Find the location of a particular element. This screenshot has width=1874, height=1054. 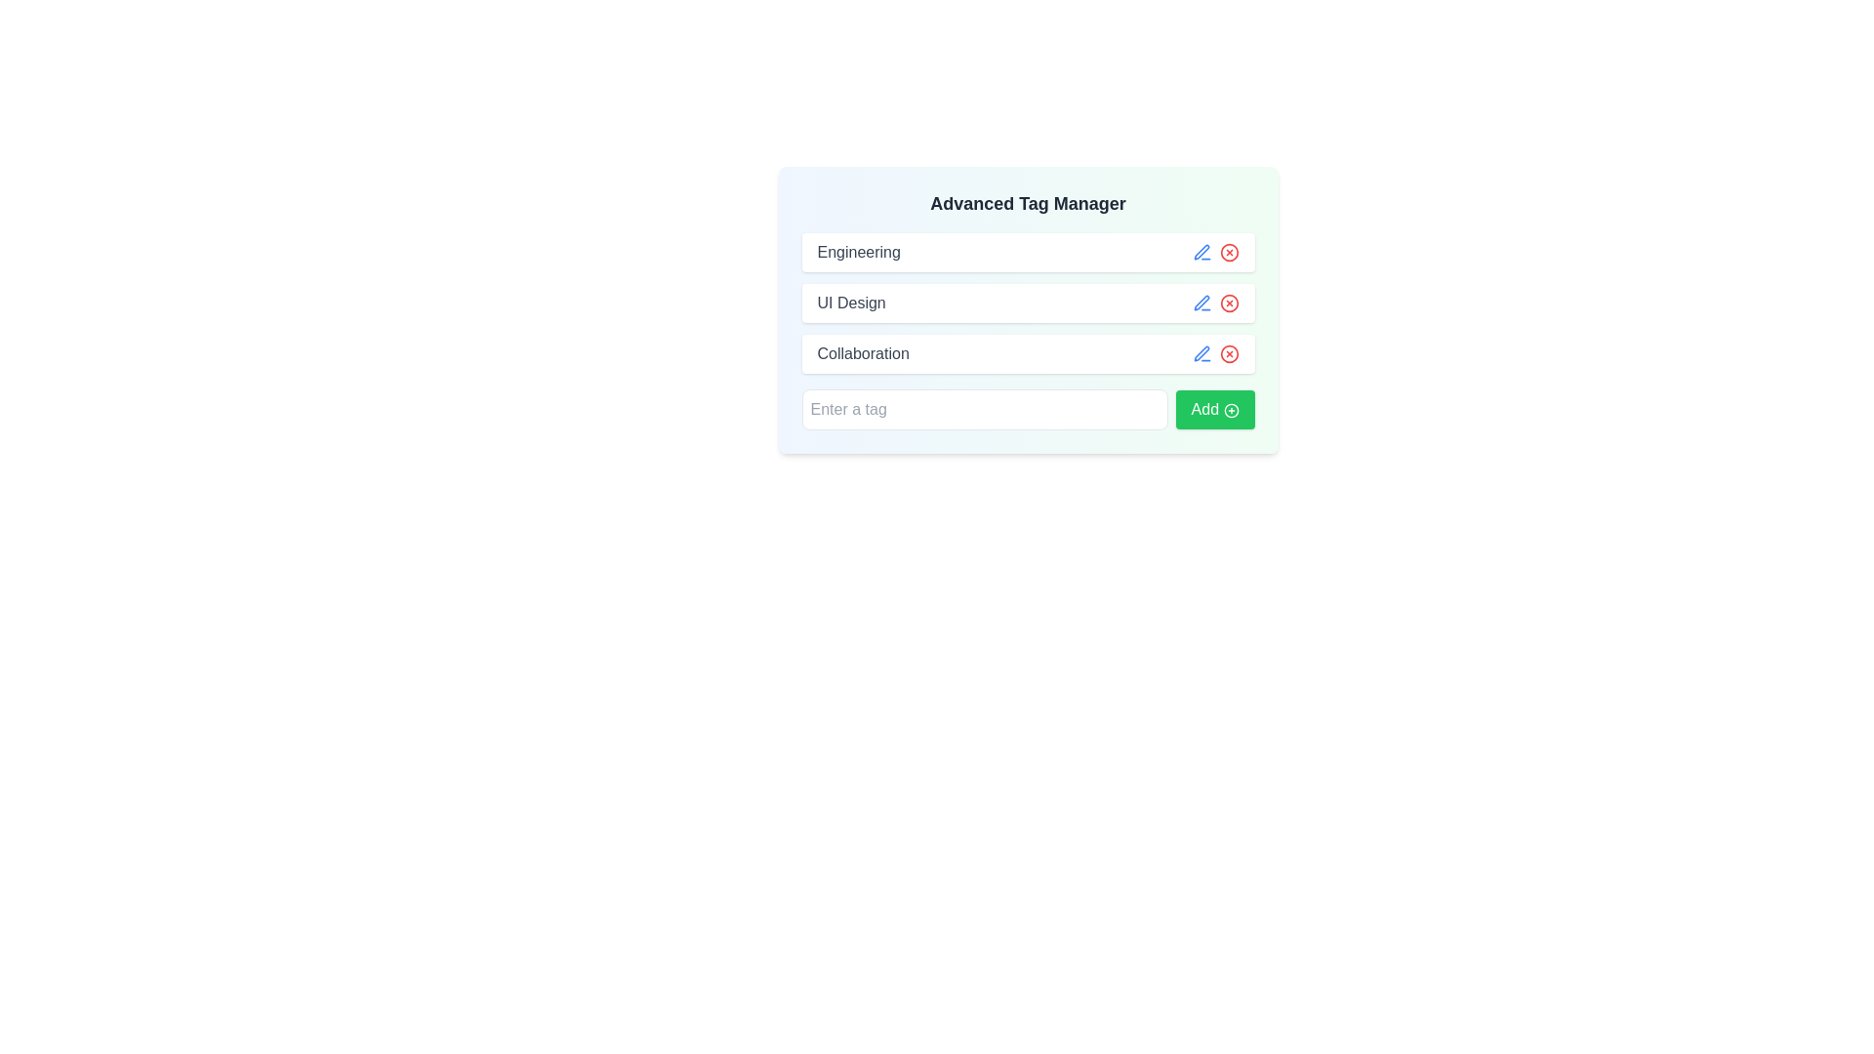

the visual representation of the circular outline within the 'Add' icon button located next to the 'Add' button in the bottom-right area of the tag manager interface is located at coordinates (1230, 409).